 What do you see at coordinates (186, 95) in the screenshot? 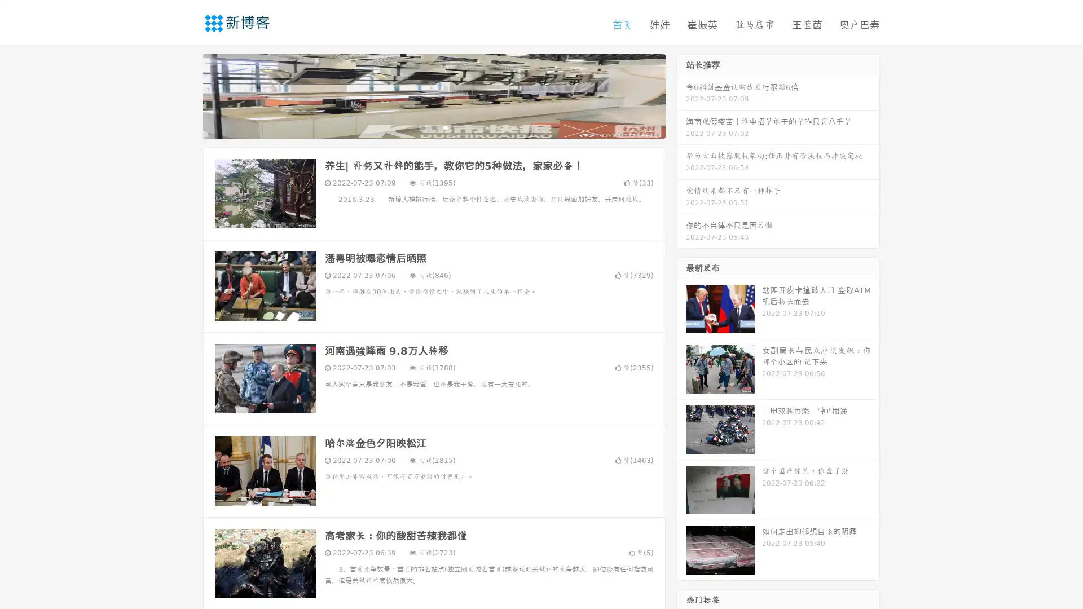
I see `Previous slide` at bounding box center [186, 95].